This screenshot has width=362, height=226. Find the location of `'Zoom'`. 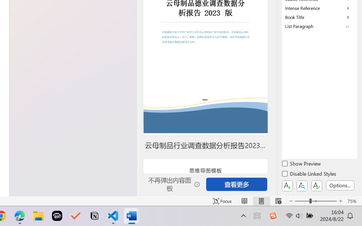

'Zoom' is located at coordinates (315, 201).